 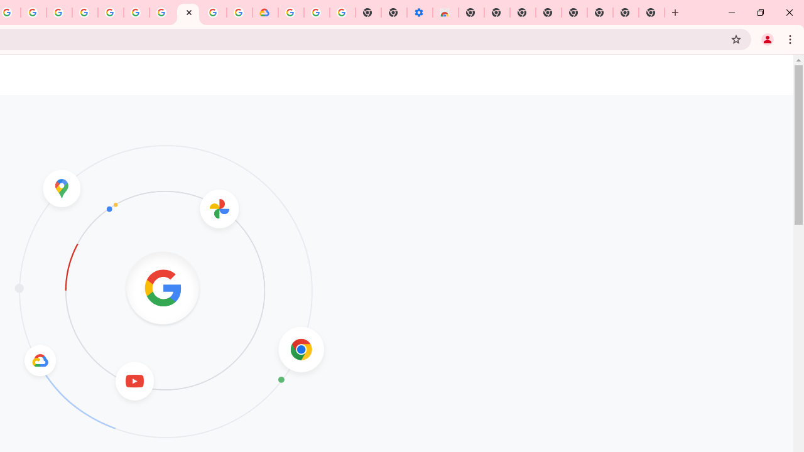 What do you see at coordinates (766, 38) in the screenshot?
I see `'You'` at bounding box center [766, 38].